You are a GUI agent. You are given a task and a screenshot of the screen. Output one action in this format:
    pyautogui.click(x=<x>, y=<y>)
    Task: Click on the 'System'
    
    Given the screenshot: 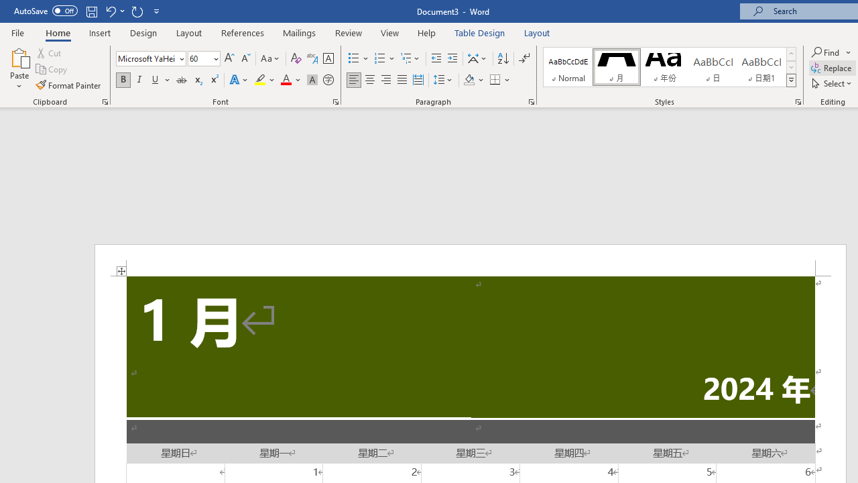 What is the action you would take?
    pyautogui.click(x=7, y=7)
    